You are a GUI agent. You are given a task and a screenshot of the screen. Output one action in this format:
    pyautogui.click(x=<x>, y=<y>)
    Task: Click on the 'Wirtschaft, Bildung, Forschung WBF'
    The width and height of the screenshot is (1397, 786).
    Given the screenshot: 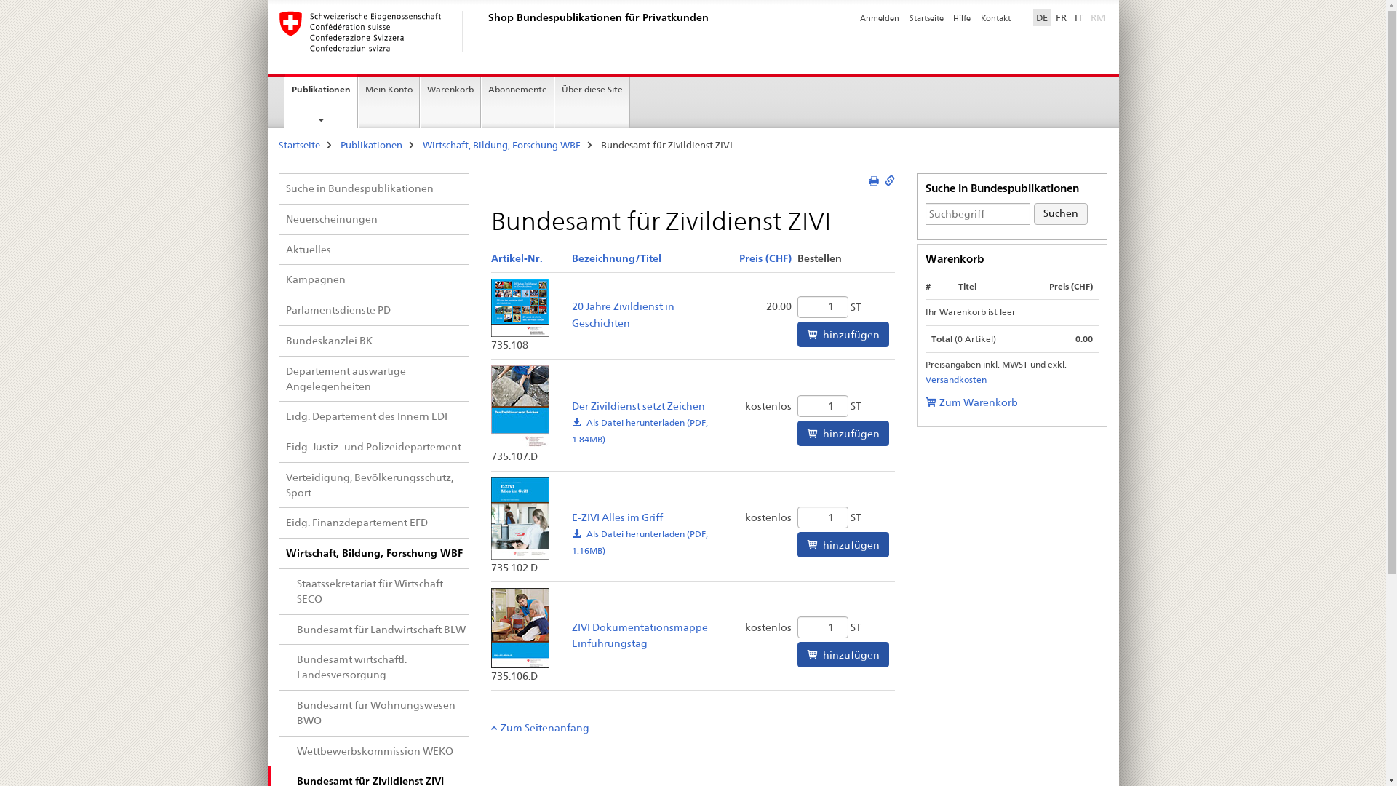 What is the action you would take?
    pyautogui.click(x=421, y=145)
    